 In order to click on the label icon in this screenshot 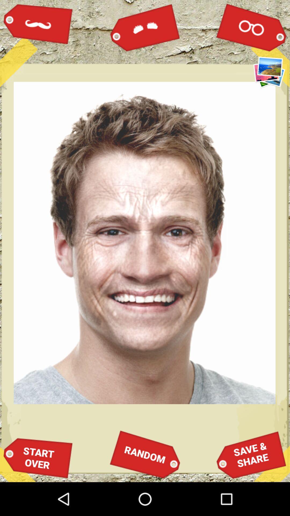, I will do `click(145, 27)`.